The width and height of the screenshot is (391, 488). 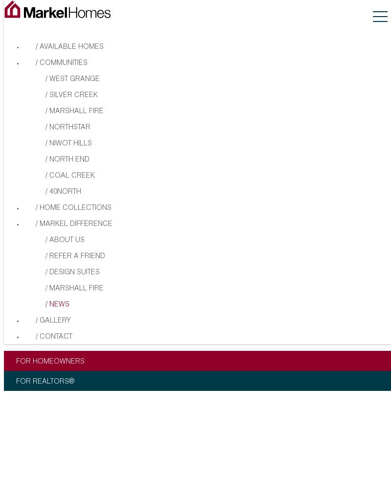 I want to click on 'Silver Creek', so click(x=73, y=95).